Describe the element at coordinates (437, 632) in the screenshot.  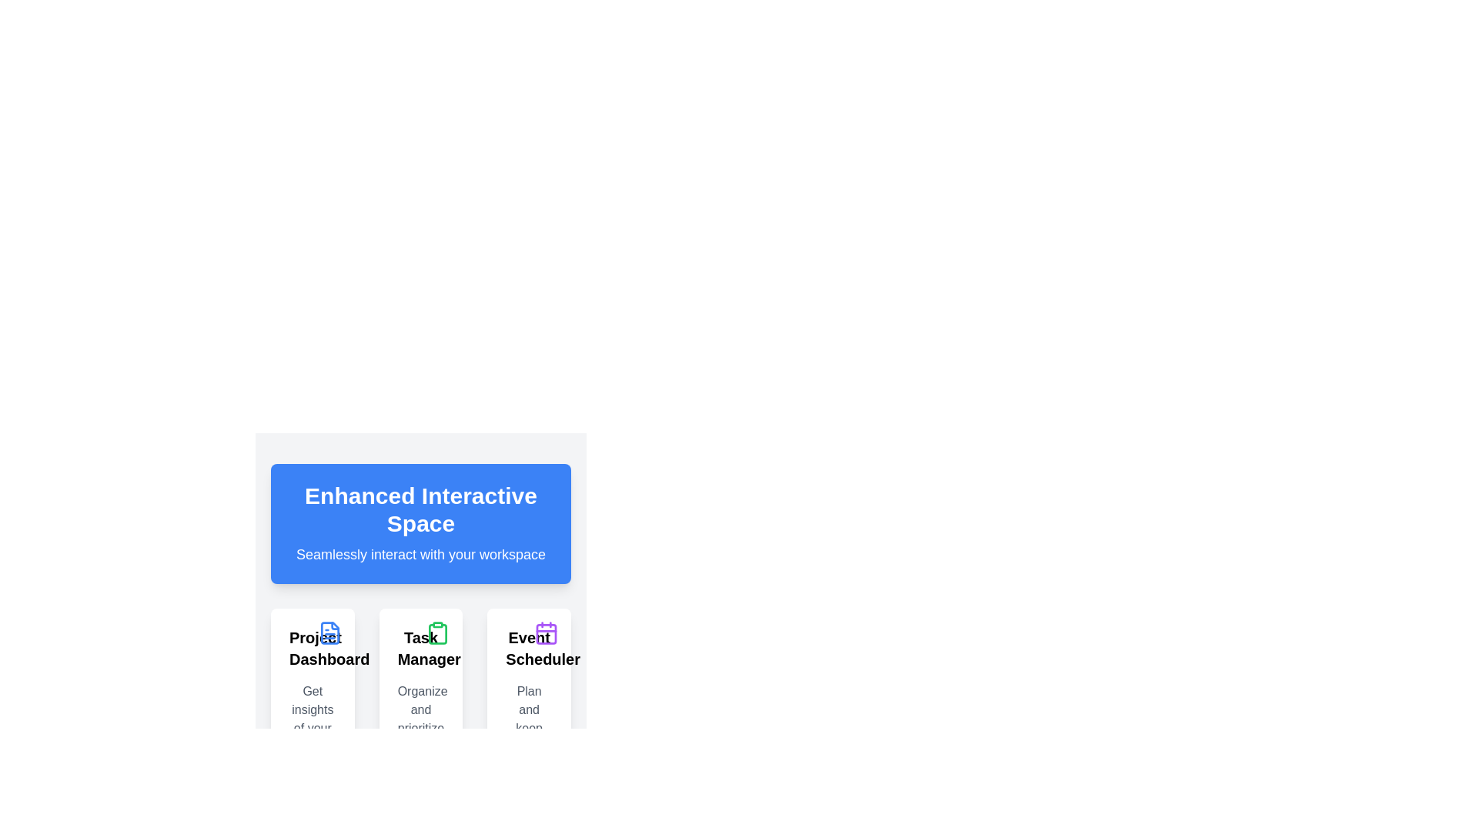
I see `the clipboard icon located in the top-right corner of the 'Task Manager' card` at that location.